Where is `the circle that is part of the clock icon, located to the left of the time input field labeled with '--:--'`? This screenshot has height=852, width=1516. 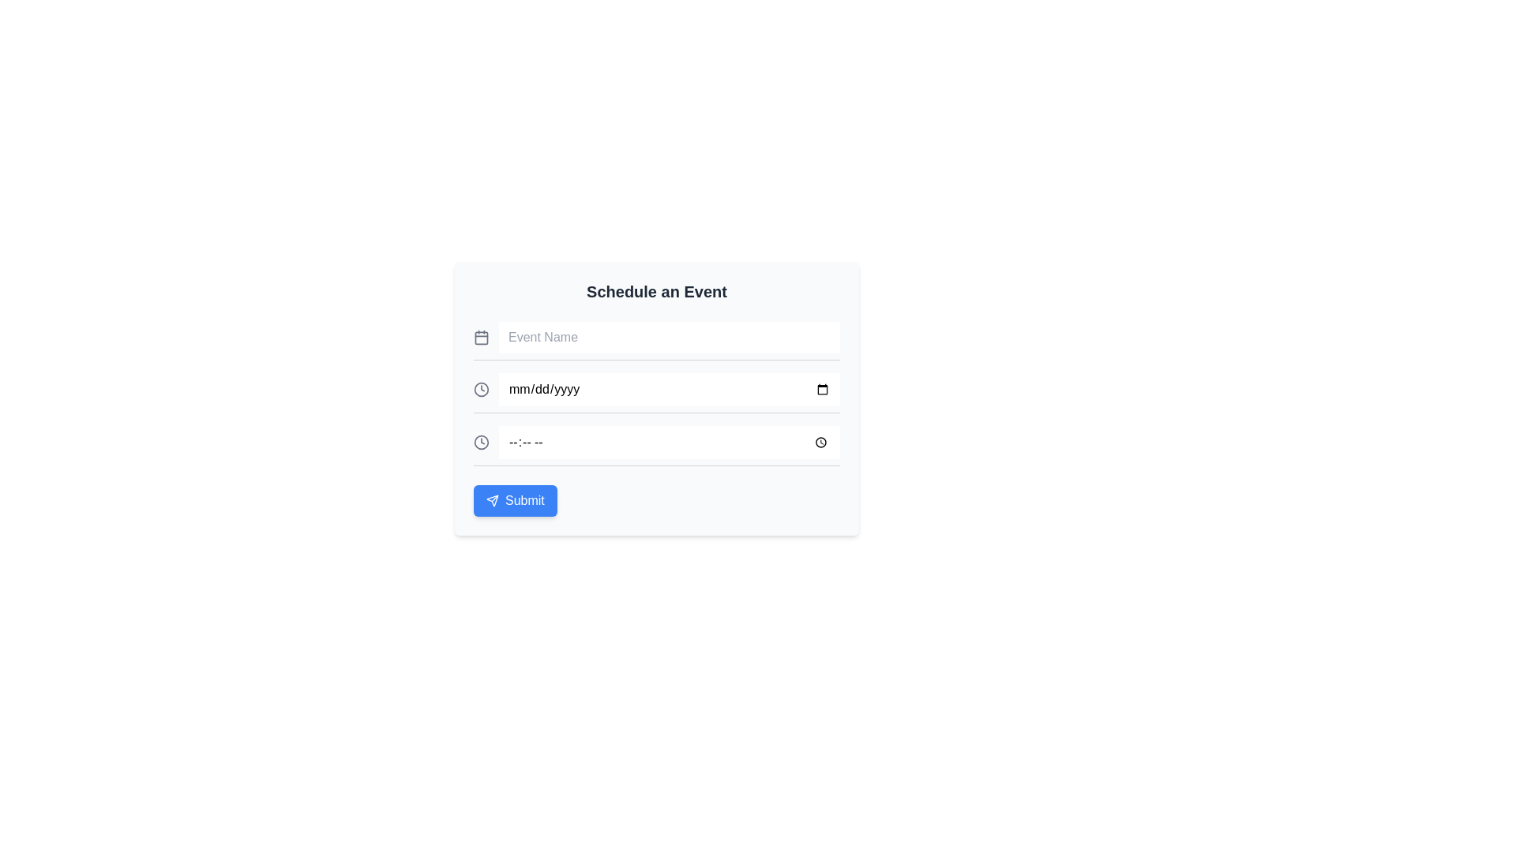 the circle that is part of the clock icon, located to the left of the time input field labeled with '--:--' is located at coordinates (480, 442).